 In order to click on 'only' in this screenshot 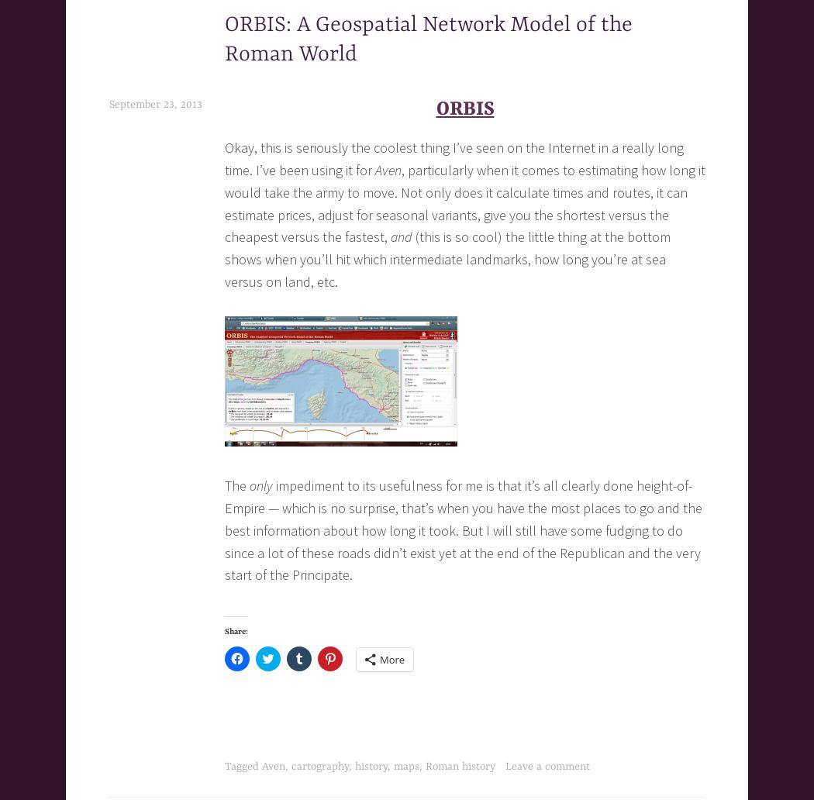, I will do `click(261, 485)`.